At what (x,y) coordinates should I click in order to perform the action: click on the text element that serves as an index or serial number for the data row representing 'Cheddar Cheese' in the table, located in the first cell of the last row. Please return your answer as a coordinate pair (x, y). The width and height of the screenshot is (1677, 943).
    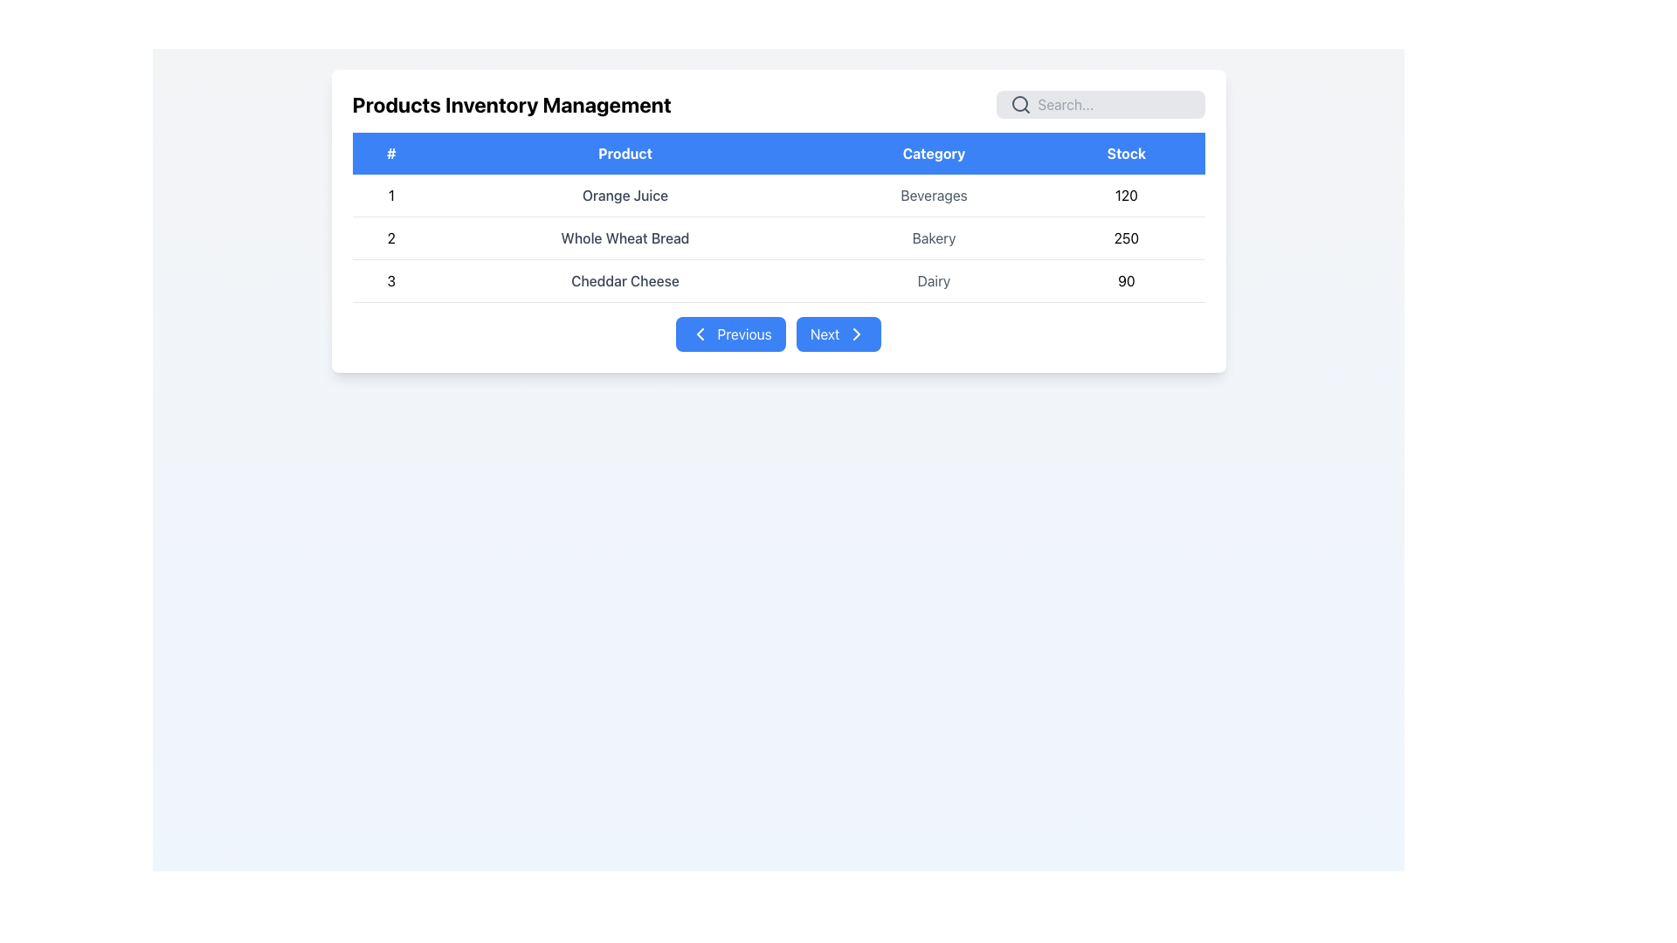
    Looking at the image, I should click on (390, 279).